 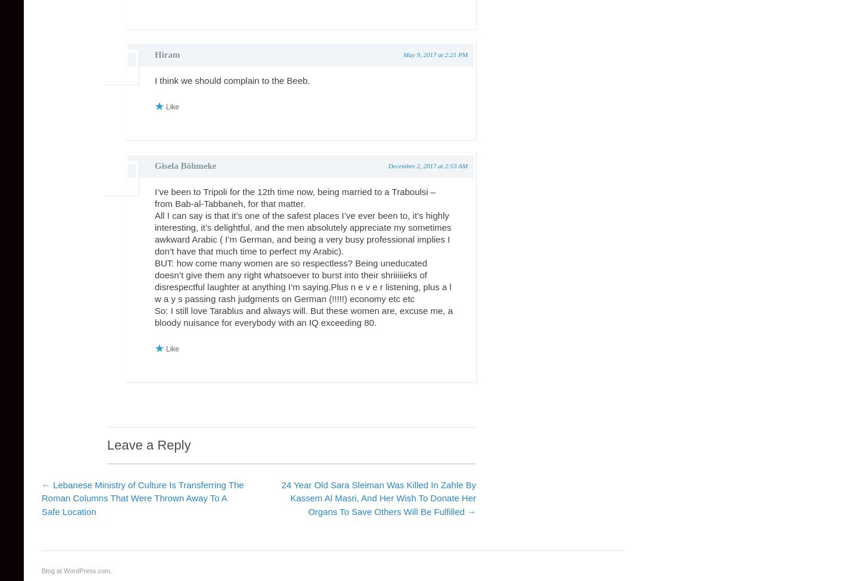 What do you see at coordinates (427, 165) in the screenshot?
I see `'December 2, 2017 at 2:53 AM'` at bounding box center [427, 165].